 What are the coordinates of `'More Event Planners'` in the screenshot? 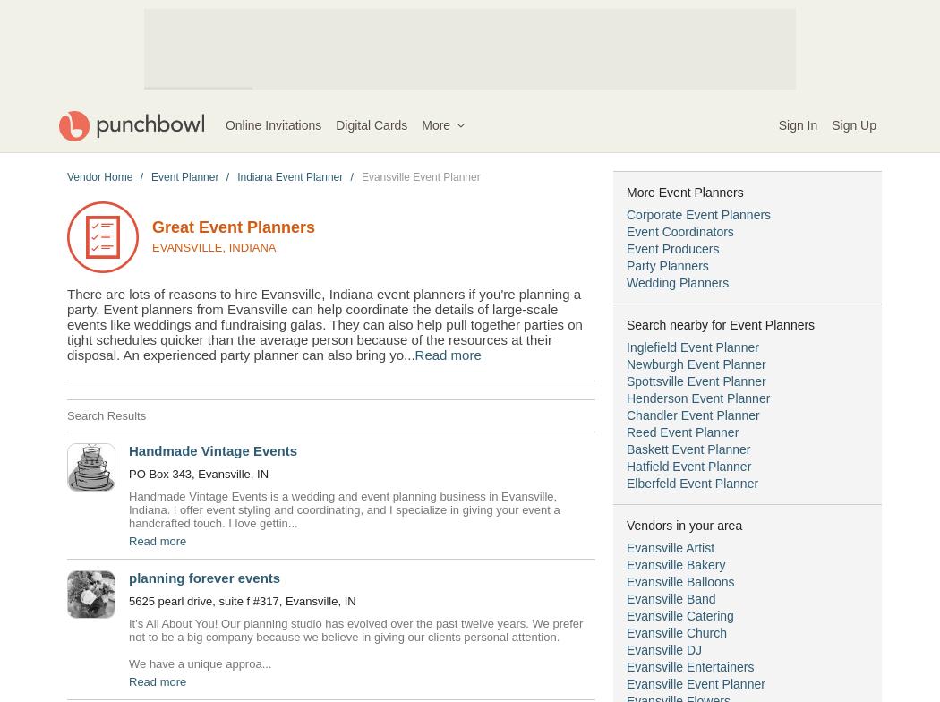 It's located at (685, 192).